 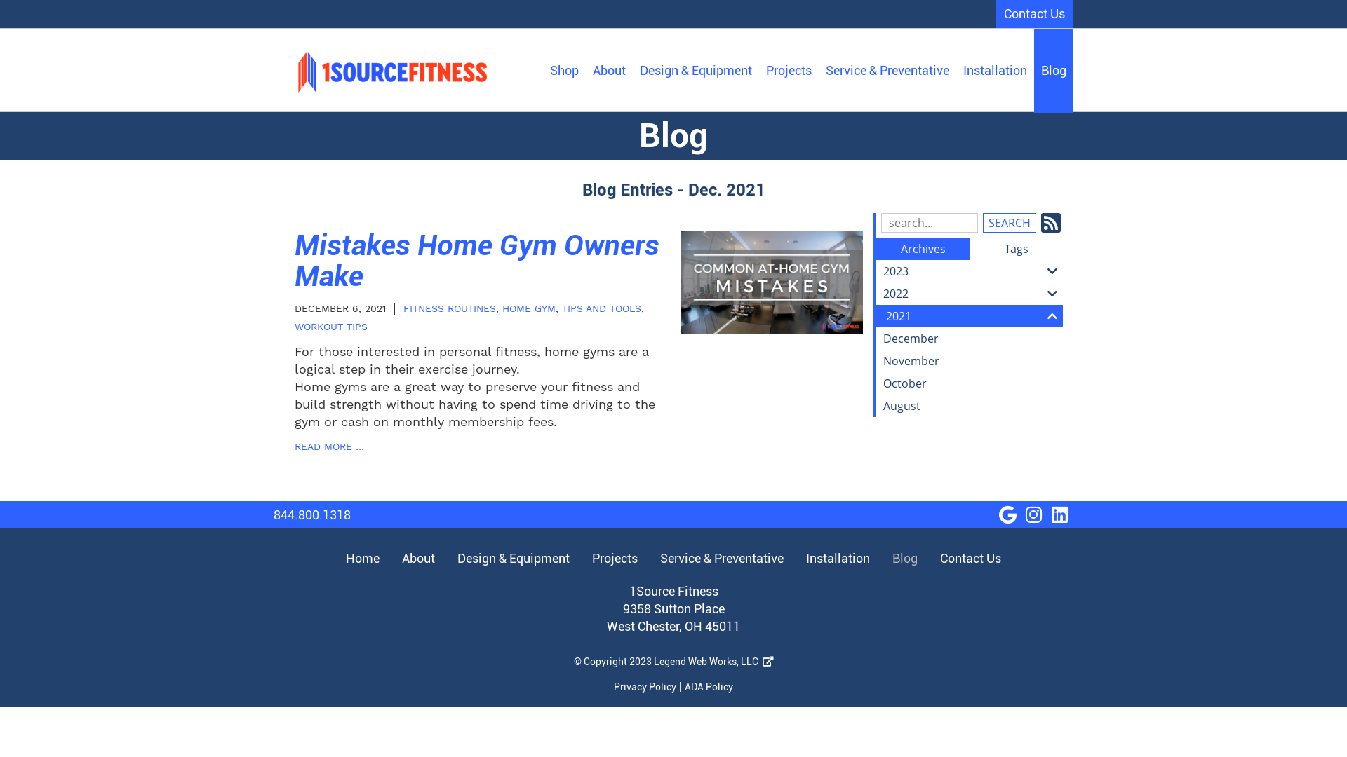 I want to click on '2023', so click(x=969, y=271).